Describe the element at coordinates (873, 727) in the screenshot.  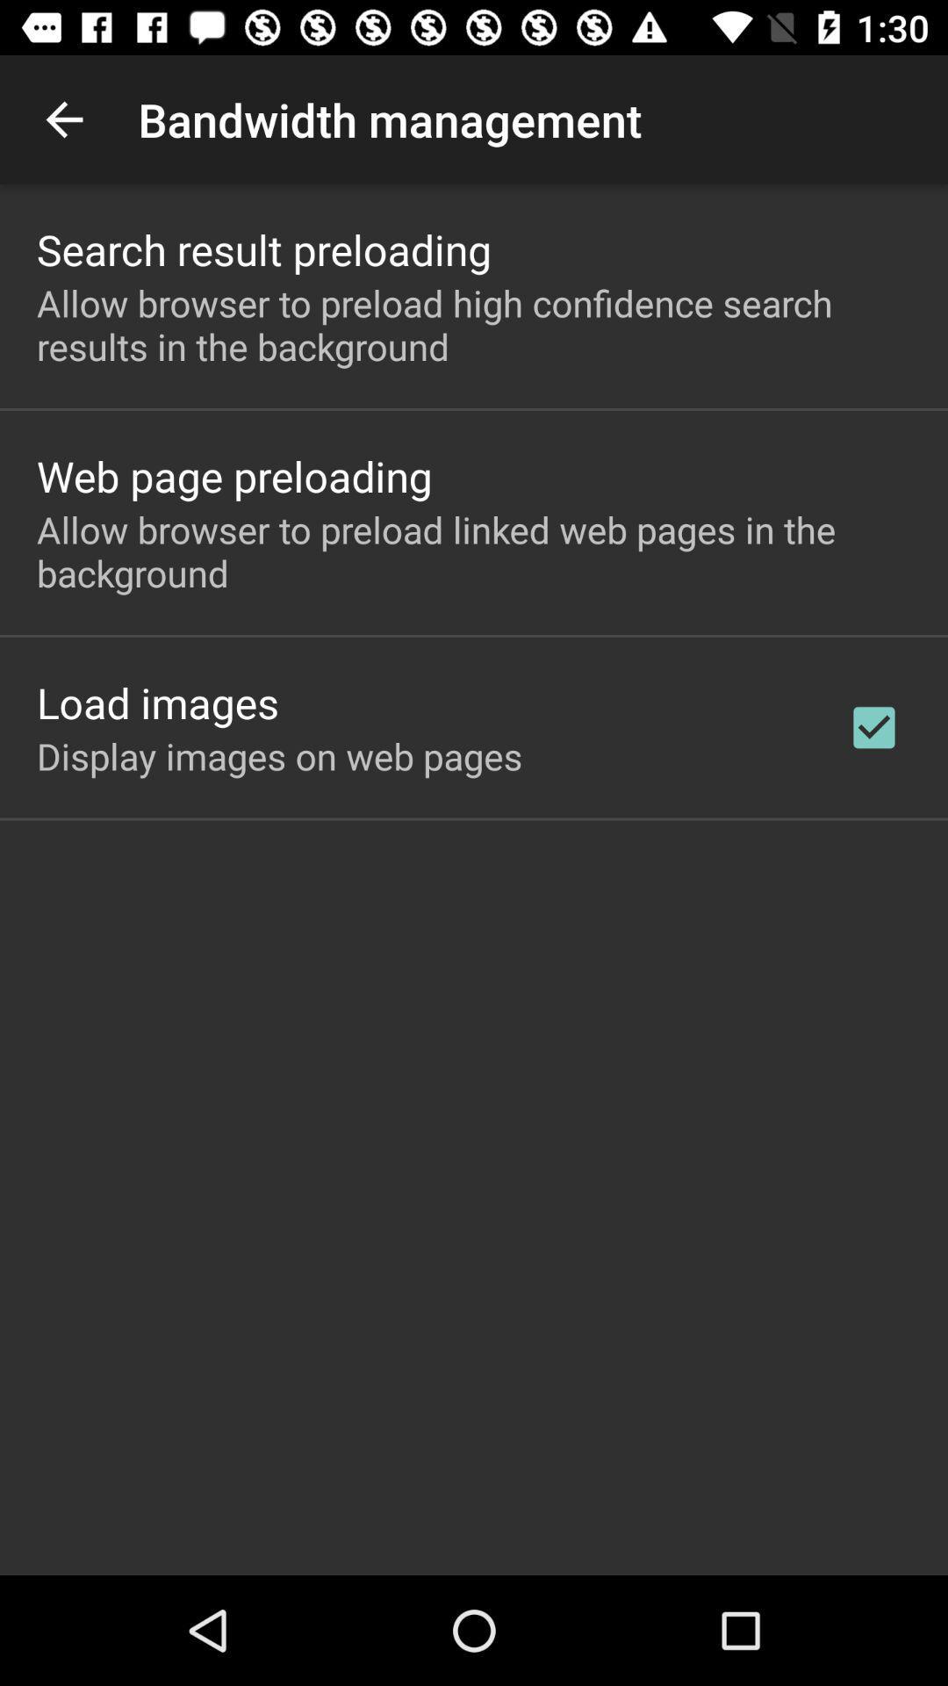
I see `icon below the allow browser to` at that location.